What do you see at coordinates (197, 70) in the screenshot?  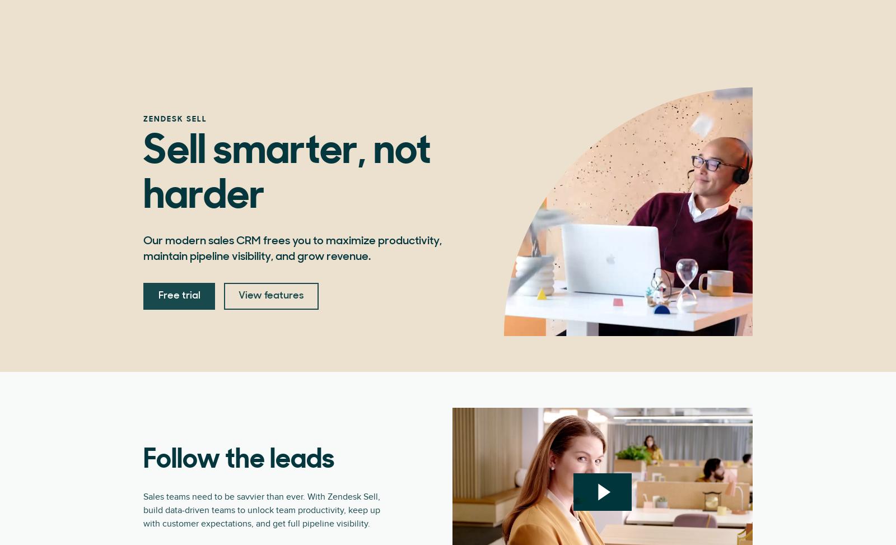 I see `'$19'` at bounding box center [197, 70].